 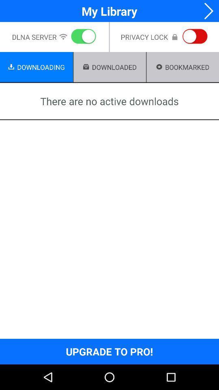 What do you see at coordinates (206, 11) in the screenshot?
I see `the arrow_forward icon` at bounding box center [206, 11].